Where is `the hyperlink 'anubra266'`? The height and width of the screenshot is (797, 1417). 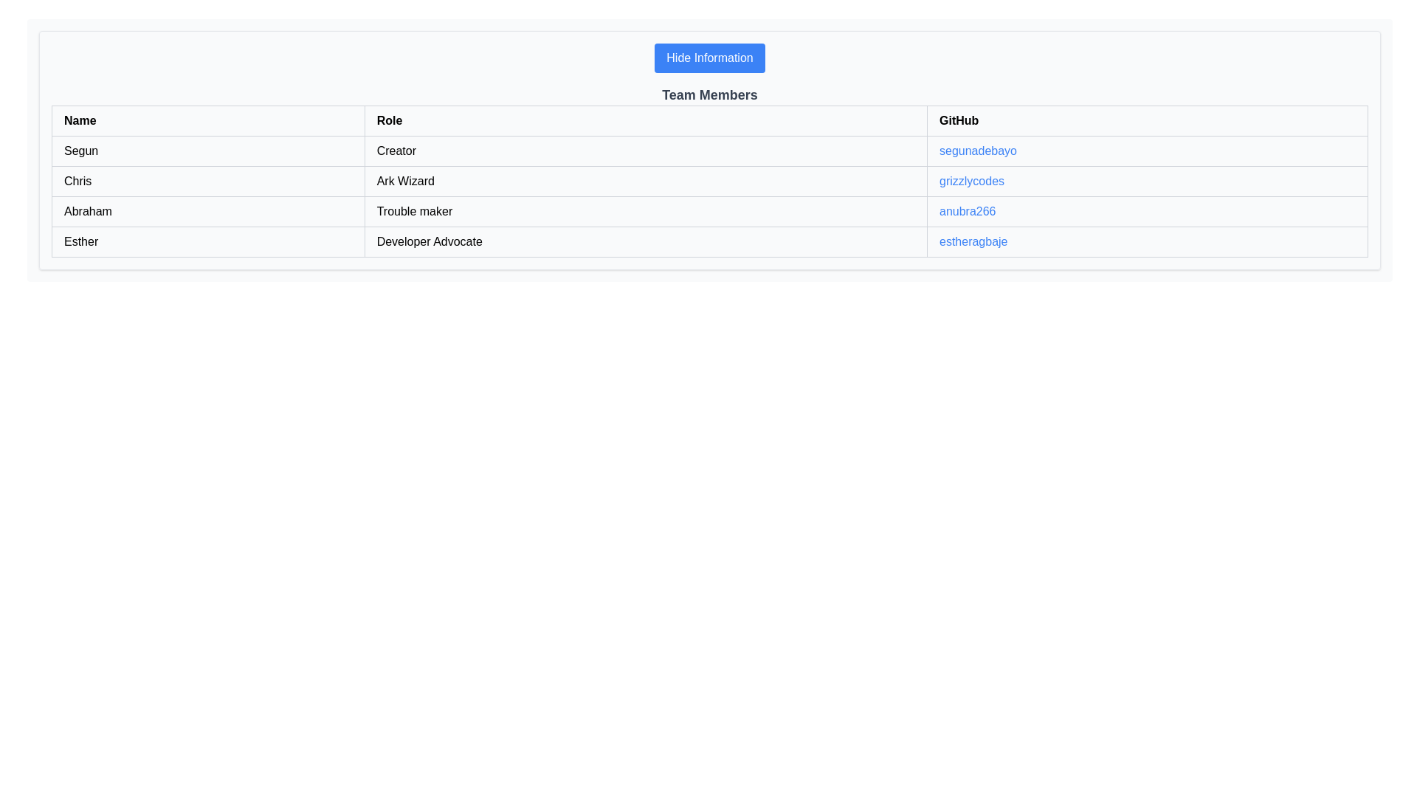
the hyperlink 'anubra266' is located at coordinates (967, 210).